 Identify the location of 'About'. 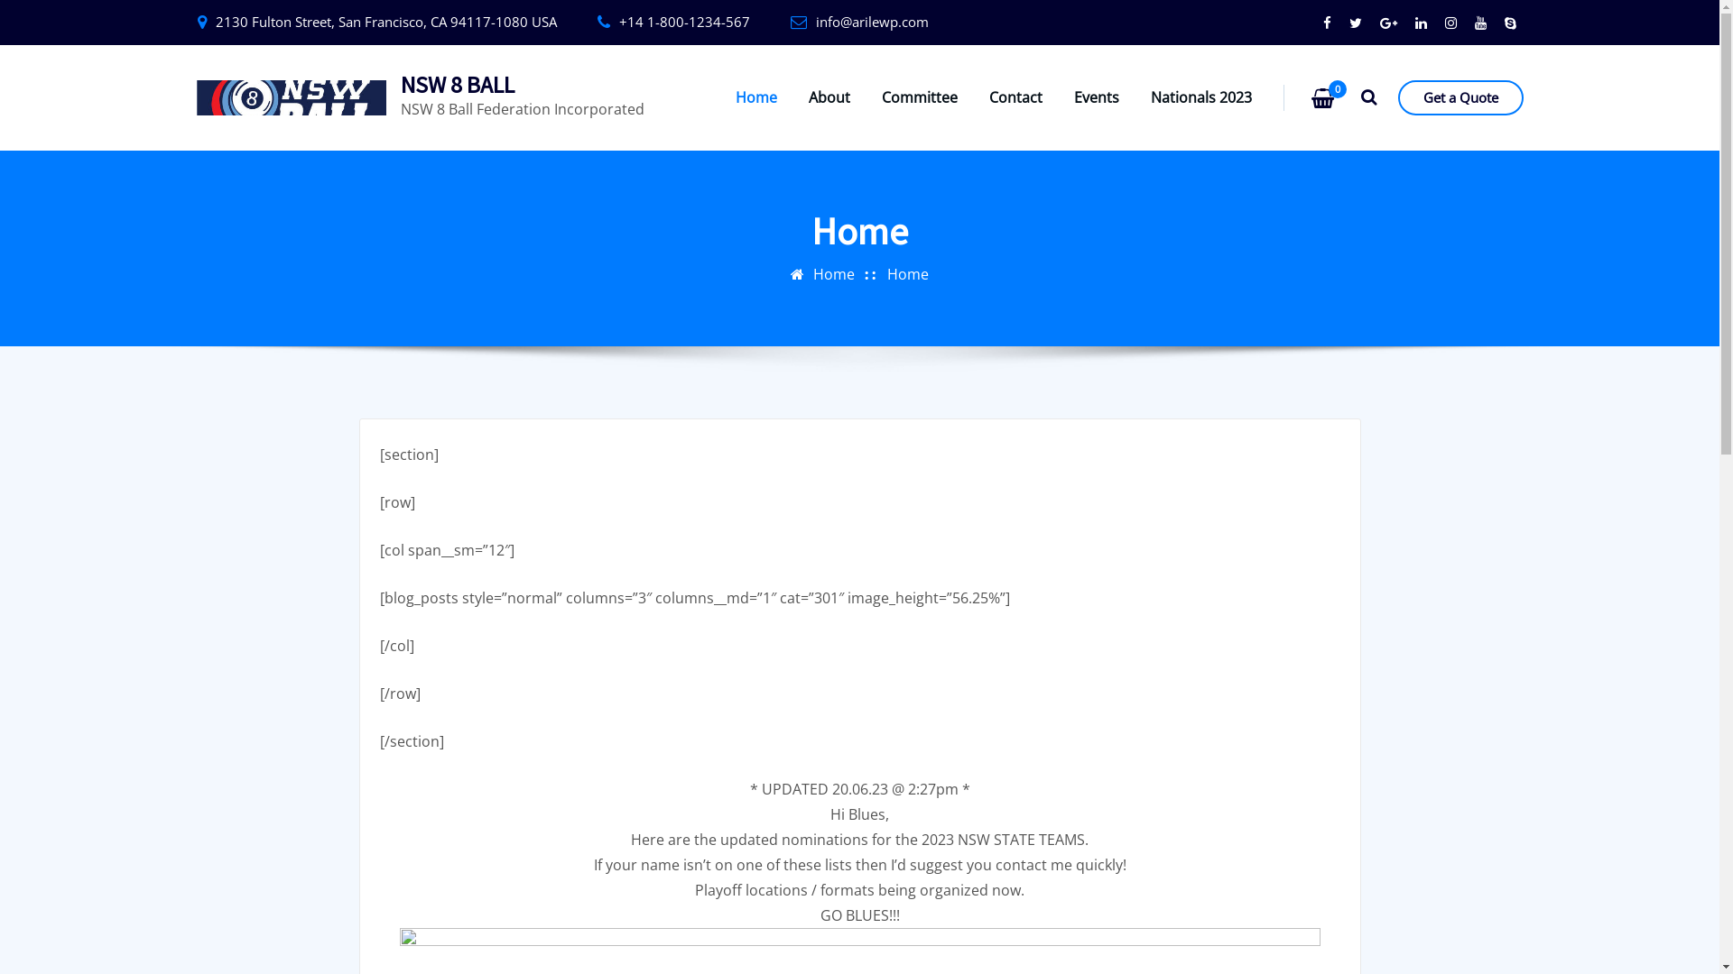
(828, 97).